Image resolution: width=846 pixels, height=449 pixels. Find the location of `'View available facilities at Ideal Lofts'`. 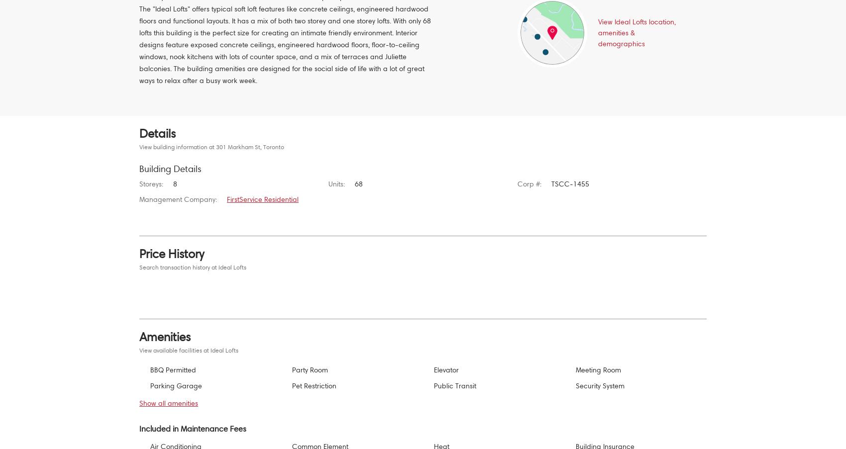

'View available facilities at Ideal Lofts' is located at coordinates (139, 350).